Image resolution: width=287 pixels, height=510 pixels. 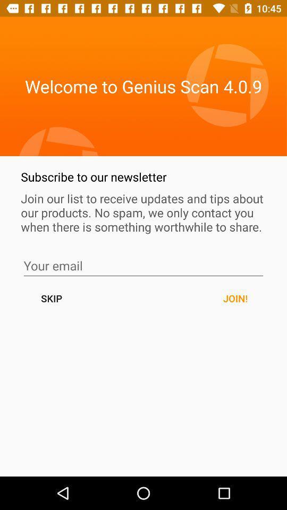 What do you see at coordinates (235, 298) in the screenshot?
I see `the button next to skip icon` at bounding box center [235, 298].